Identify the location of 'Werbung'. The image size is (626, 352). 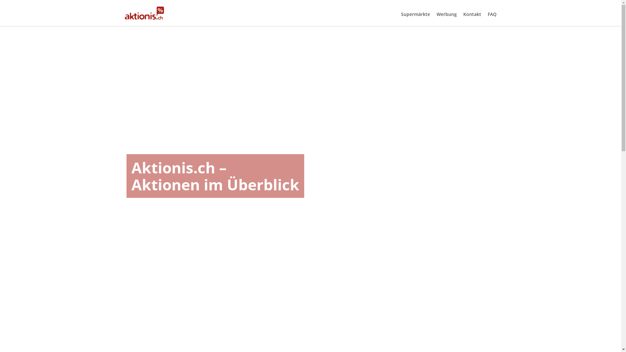
(446, 14).